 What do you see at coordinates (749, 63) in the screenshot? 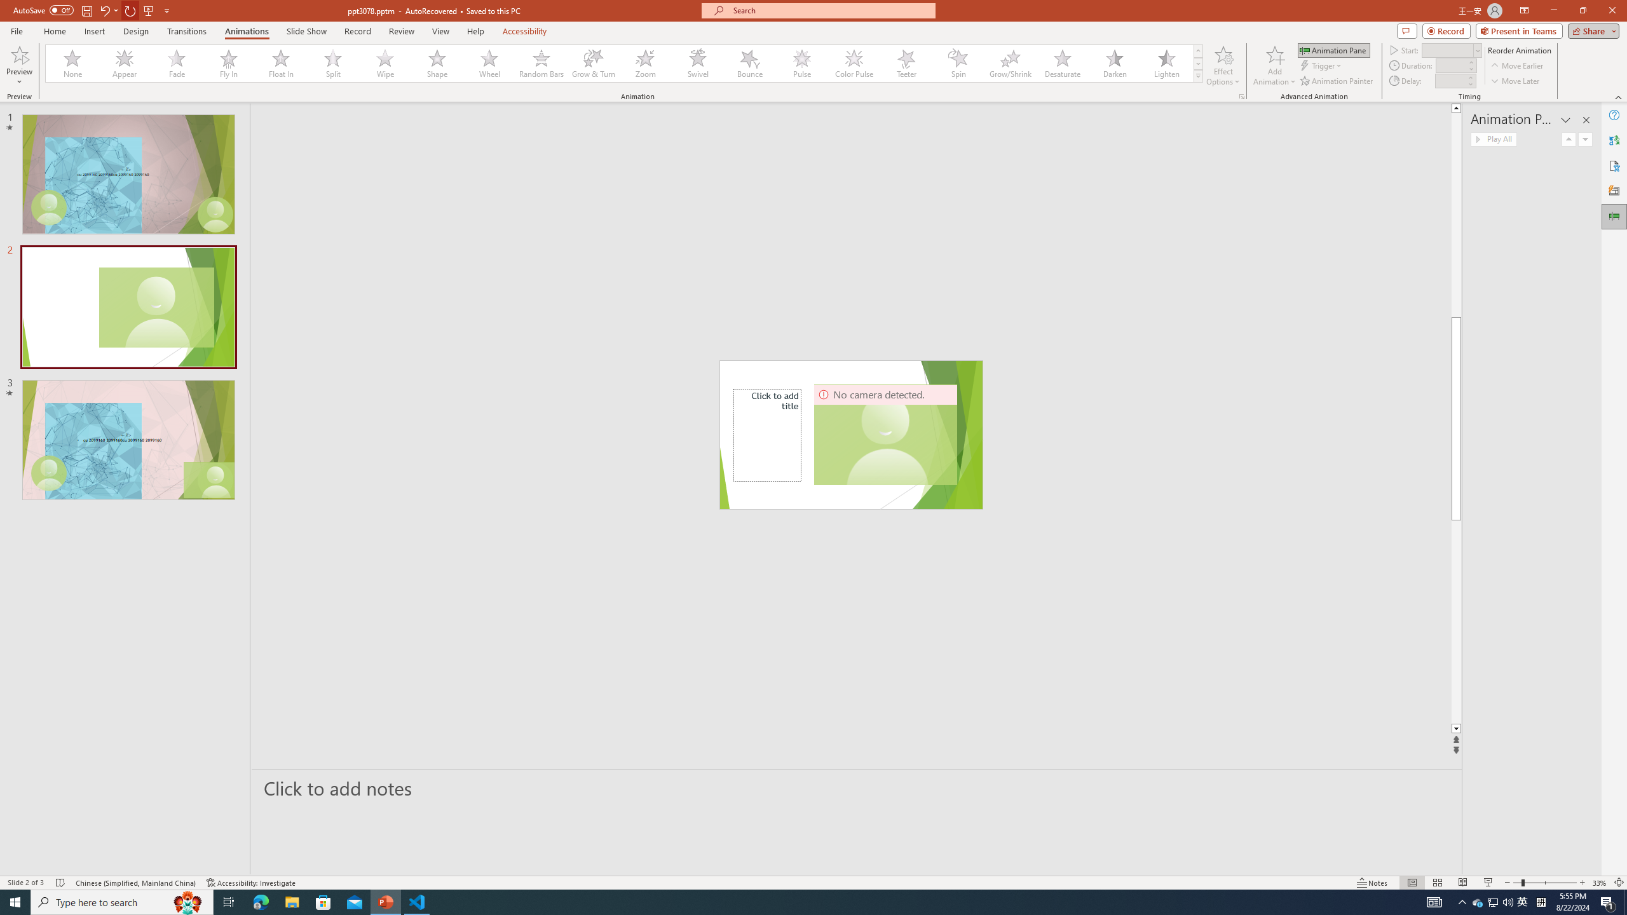
I see `'Bounce'` at bounding box center [749, 63].